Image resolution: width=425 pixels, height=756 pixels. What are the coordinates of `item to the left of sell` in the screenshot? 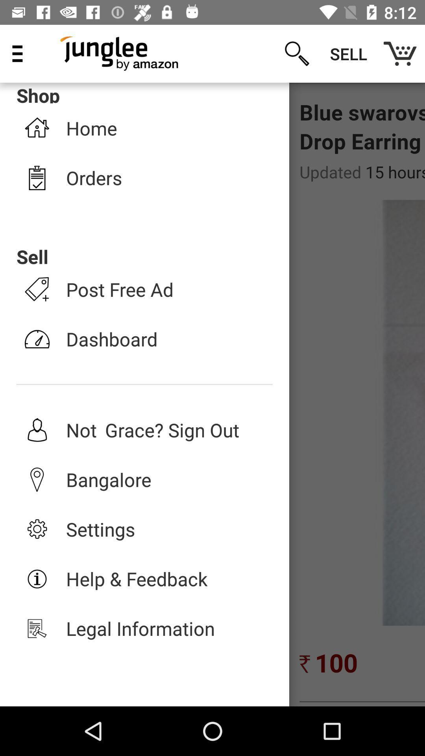 It's located at (297, 53).